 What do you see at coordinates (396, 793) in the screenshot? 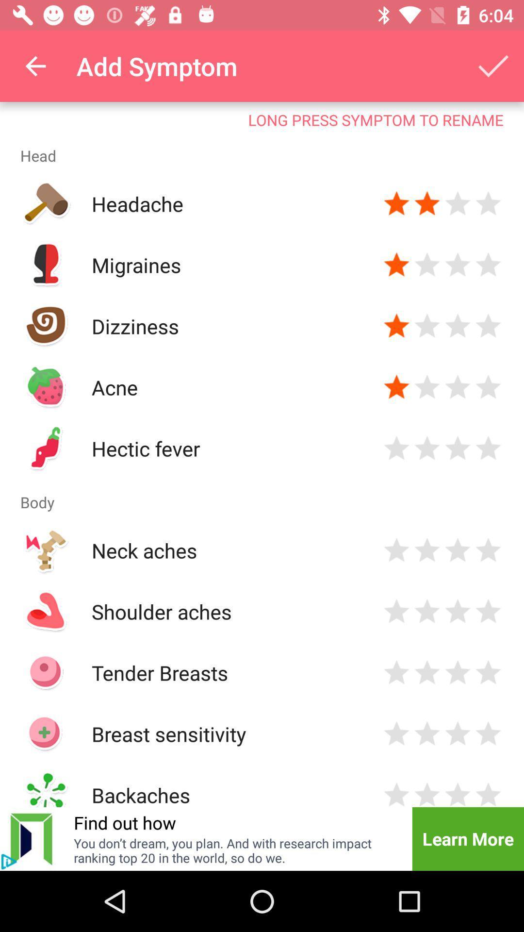
I see `backaches one star` at bounding box center [396, 793].